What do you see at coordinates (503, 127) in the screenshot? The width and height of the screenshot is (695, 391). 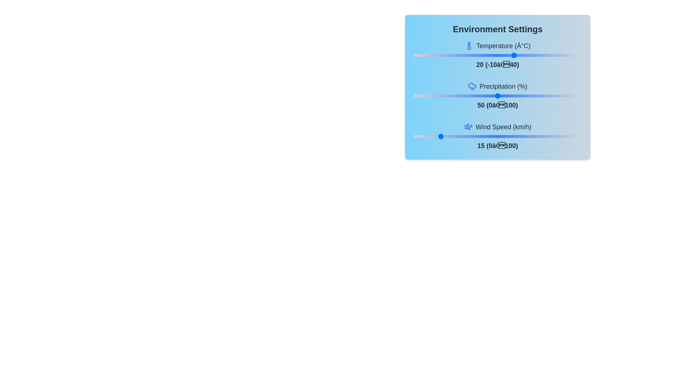 I see `the text label that provides context for the wind speed slider control, located to the right of the wind icon and positioned in the middle of the interface, beneath the 'Precipitation (%)' slider and above the '15 (0–100)' slider` at bounding box center [503, 127].